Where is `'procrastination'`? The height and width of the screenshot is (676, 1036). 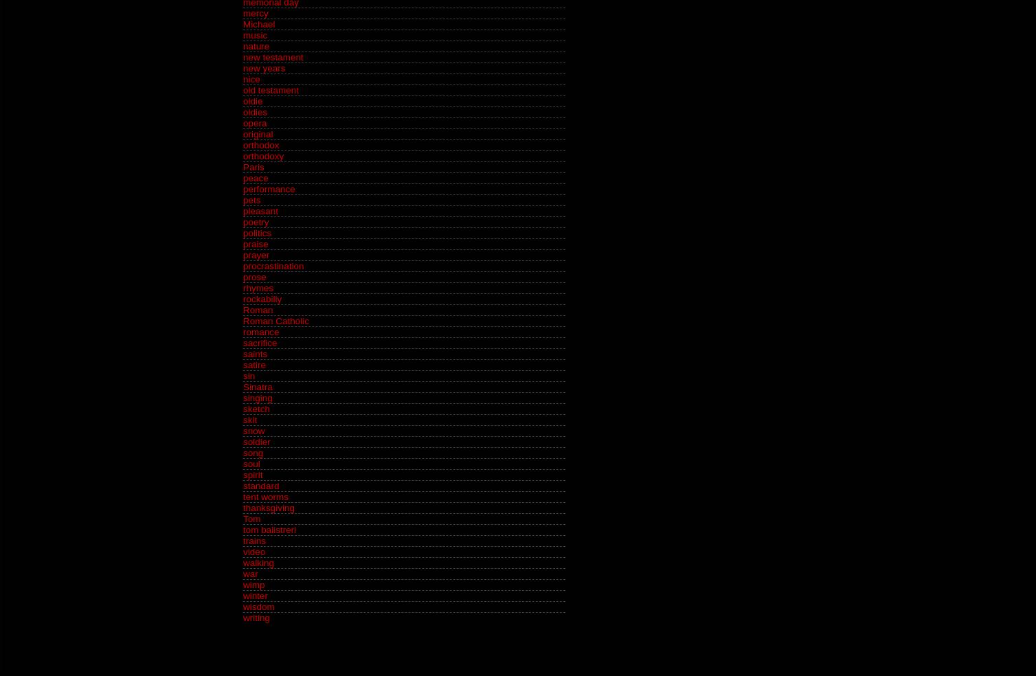
'procrastination' is located at coordinates (273, 266).